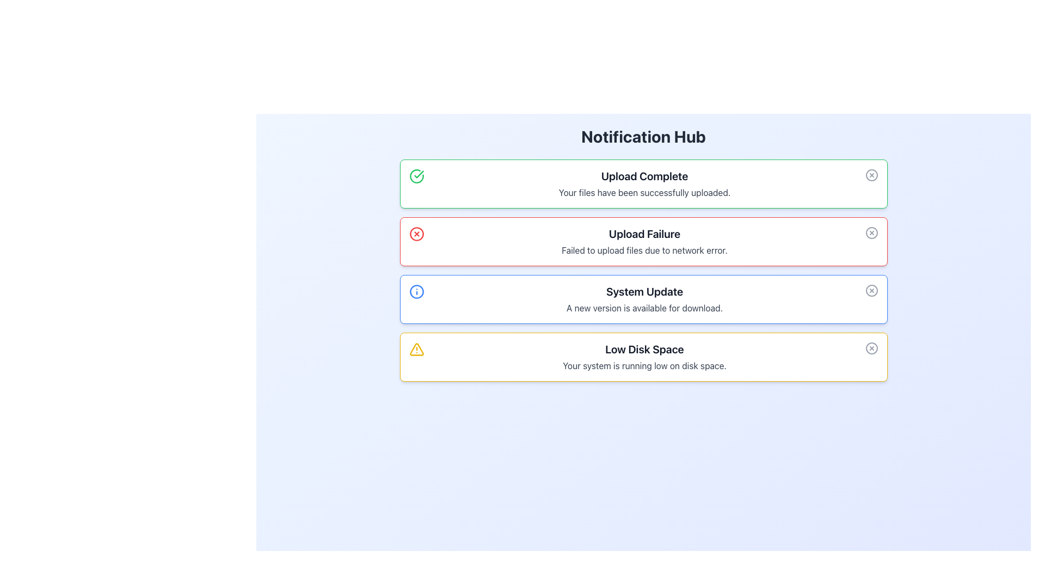 The image size is (1045, 588). What do you see at coordinates (416, 349) in the screenshot?
I see `the warning icon located in the bottom-most notification block labeled 'Low Disk Space', positioned on the left side adjacent to the text` at bounding box center [416, 349].